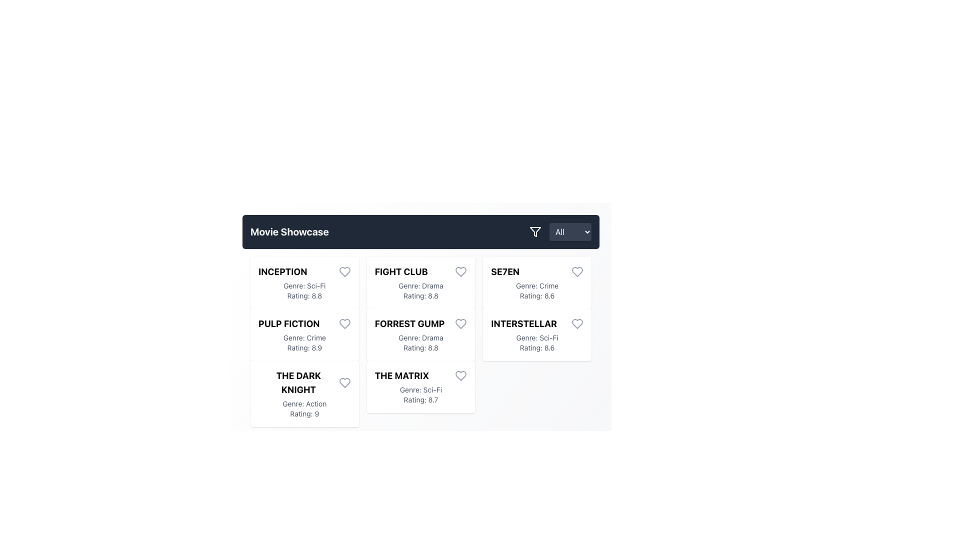 This screenshot has height=540, width=960. I want to click on the Icon Button located on the right side of the top bar before the 'All' dropdown menu, so click(534, 231).